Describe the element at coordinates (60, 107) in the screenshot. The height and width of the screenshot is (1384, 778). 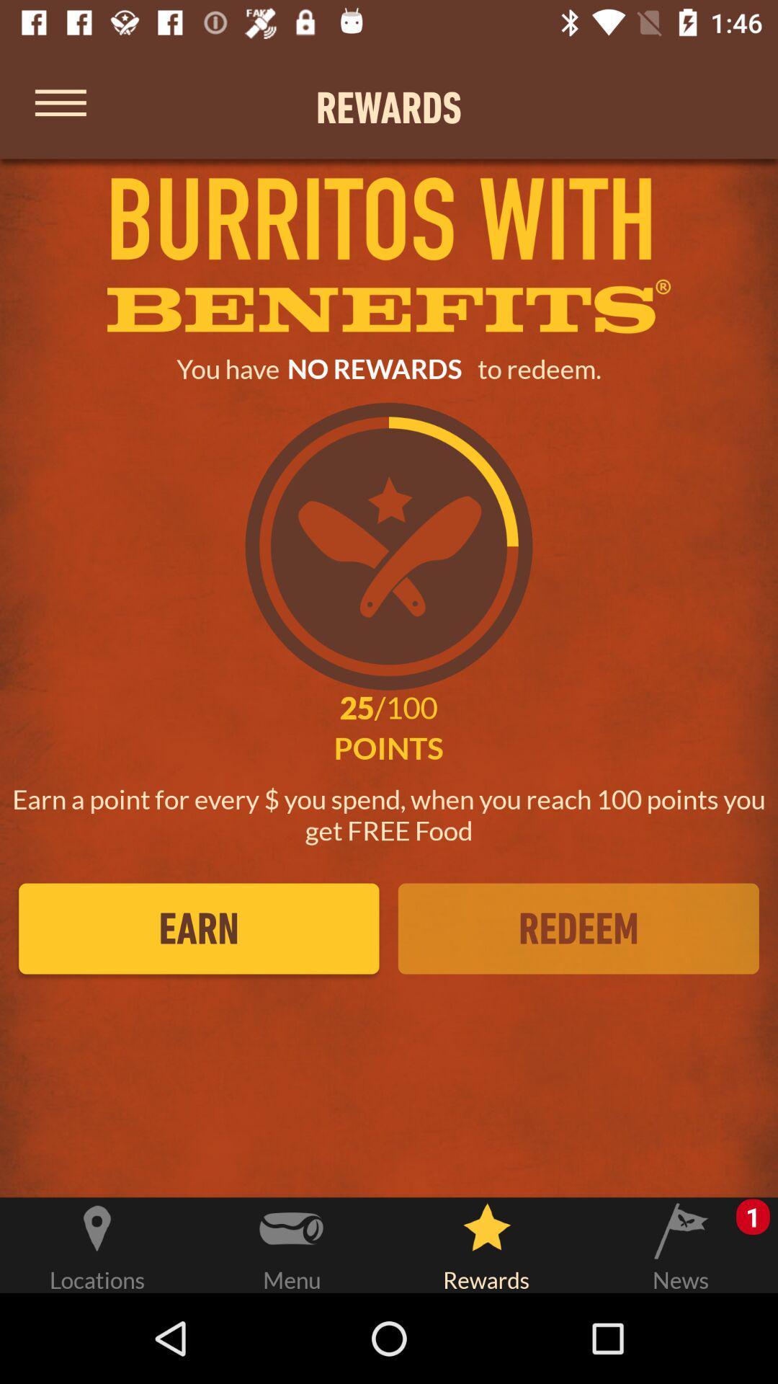
I see `menu` at that location.